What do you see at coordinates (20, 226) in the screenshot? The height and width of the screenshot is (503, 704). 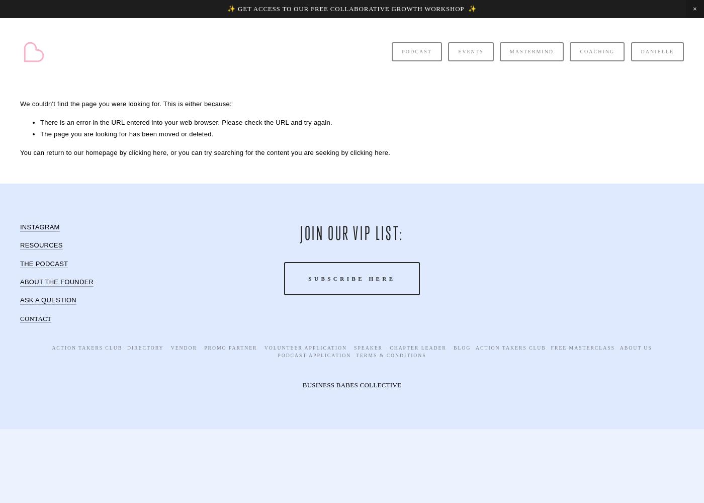 I see `'INSTAGRAM'` at bounding box center [20, 226].